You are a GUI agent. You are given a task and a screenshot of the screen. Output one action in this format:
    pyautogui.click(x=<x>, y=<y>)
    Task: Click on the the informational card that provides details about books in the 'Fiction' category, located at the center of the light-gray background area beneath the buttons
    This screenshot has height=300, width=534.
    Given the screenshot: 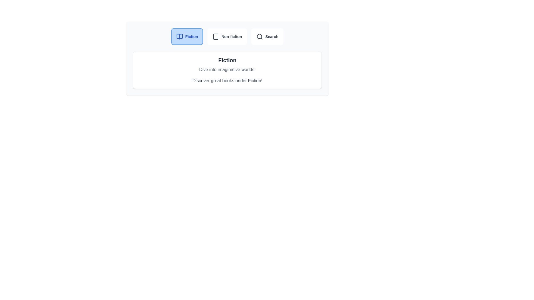 What is the action you would take?
    pyautogui.click(x=227, y=70)
    